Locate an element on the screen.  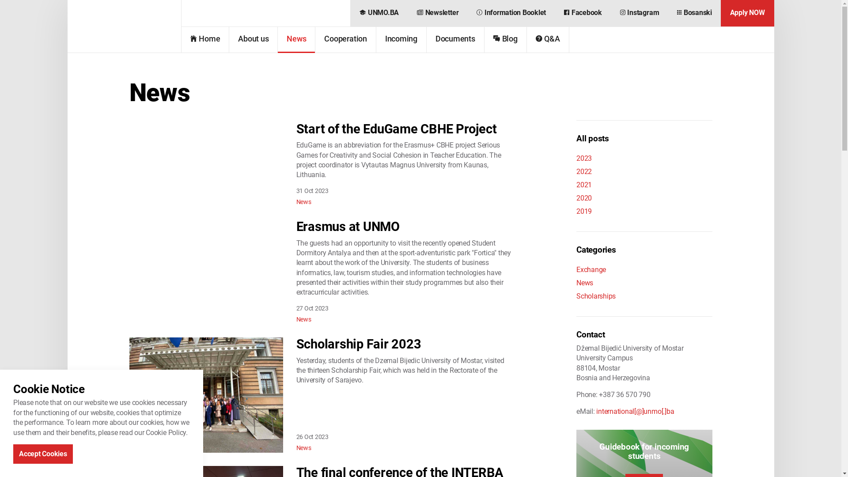
'Newsletter' is located at coordinates (437, 13).